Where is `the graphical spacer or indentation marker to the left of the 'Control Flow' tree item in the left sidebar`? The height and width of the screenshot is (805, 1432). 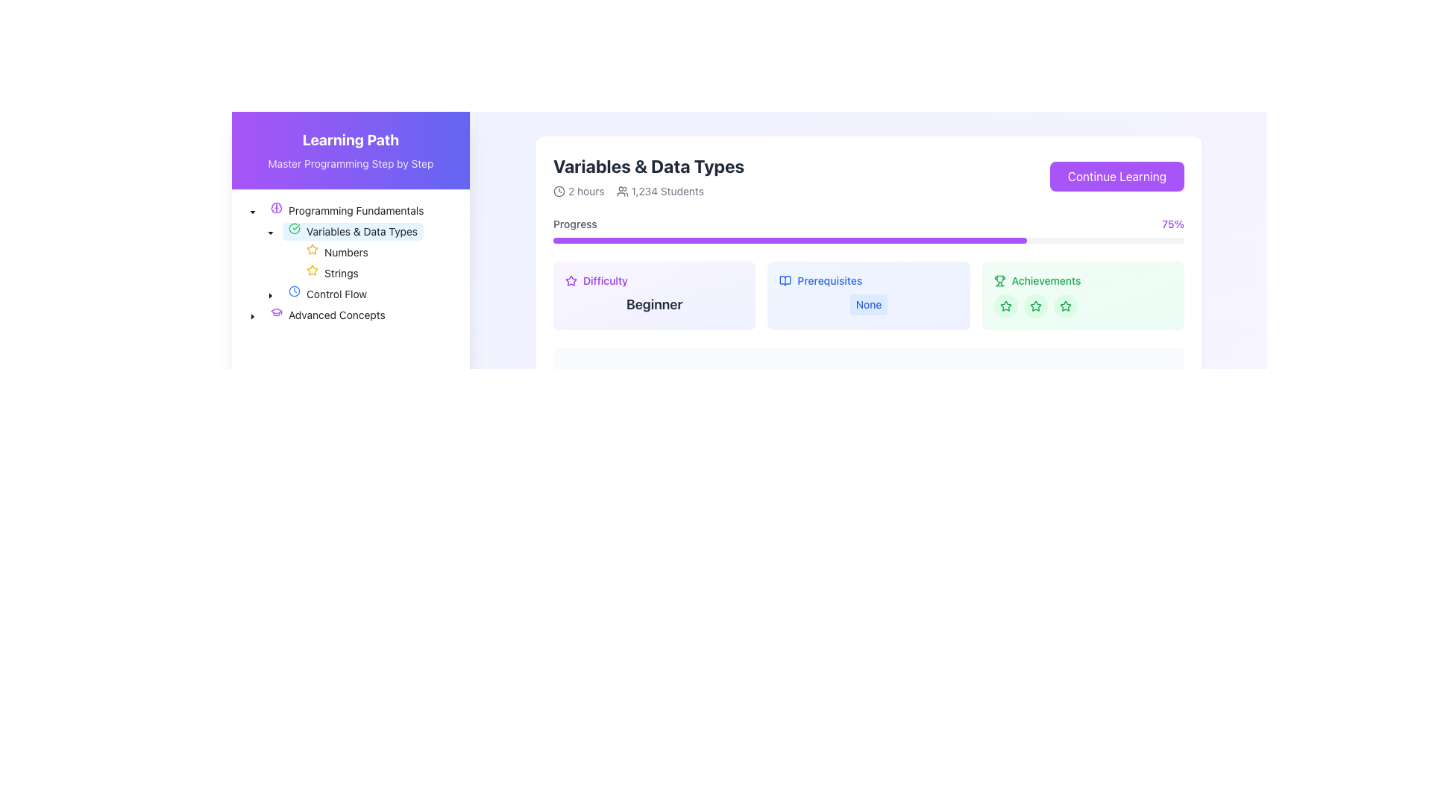 the graphical spacer or indentation marker to the left of the 'Control Flow' tree item in the left sidebar is located at coordinates (253, 294).